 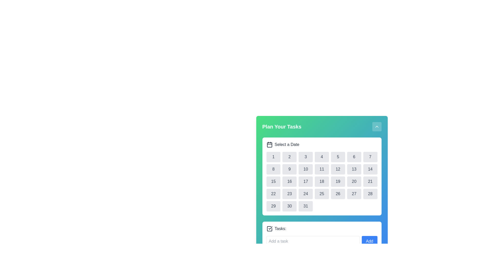 I want to click on the grid of calendar dates located below the 'Select a Date' header, so click(x=321, y=181).